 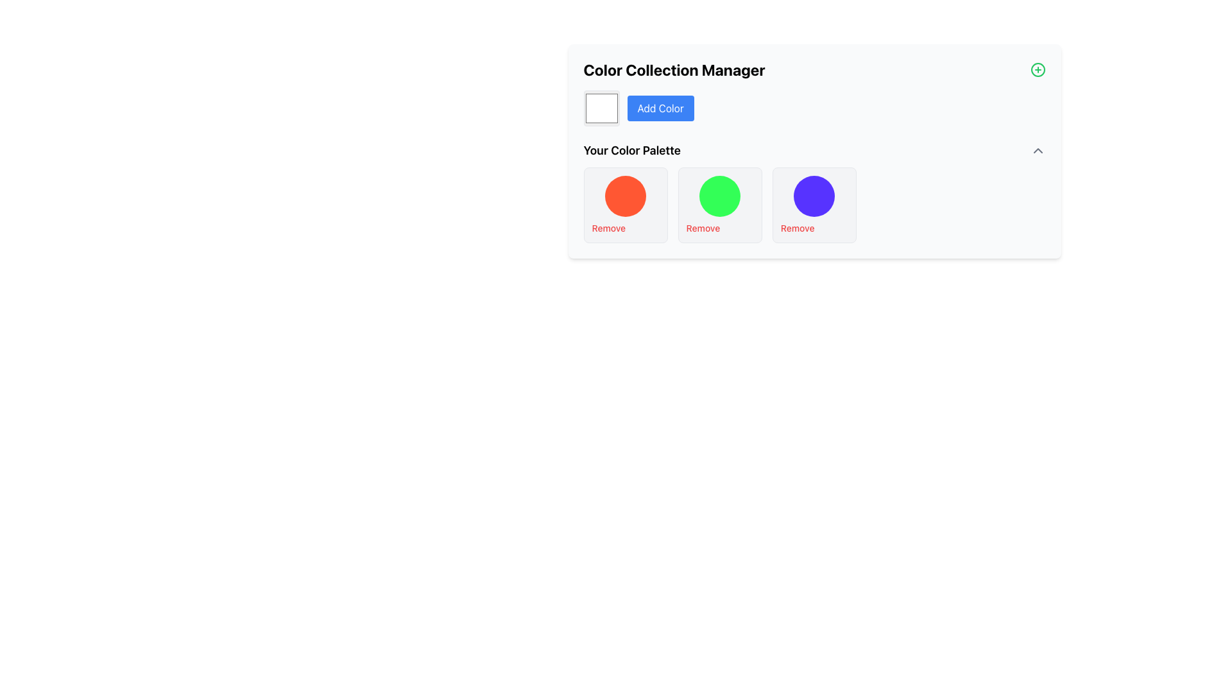 I want to click on the small triangular icon resembling an upward-pointing arrow located near the top-right corner of the 'Your Color Palette' section, so click(x=1038, y=150).